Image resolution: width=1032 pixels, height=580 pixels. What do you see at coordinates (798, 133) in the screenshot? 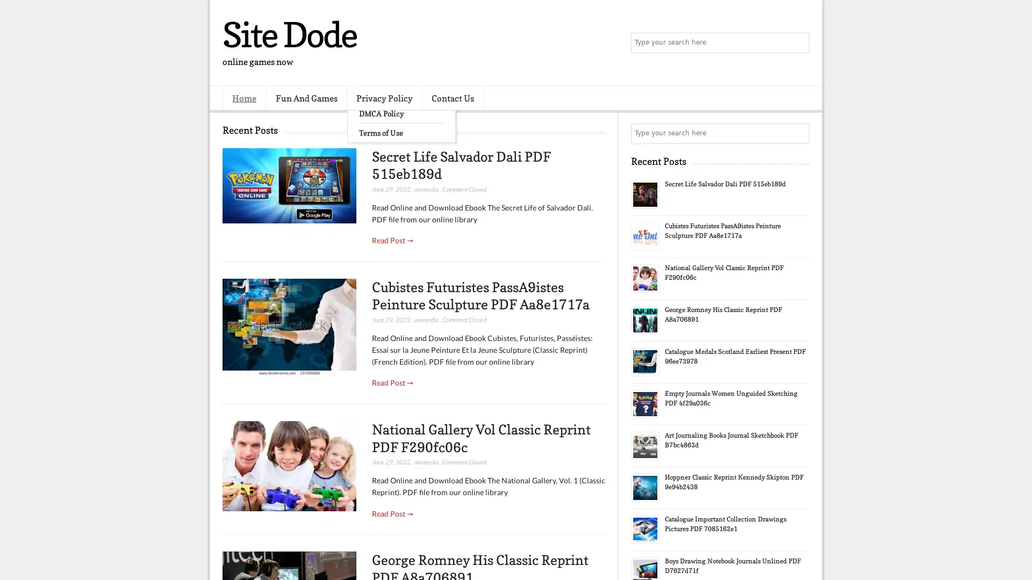
I see `Search` at bounding box center [798, 133].